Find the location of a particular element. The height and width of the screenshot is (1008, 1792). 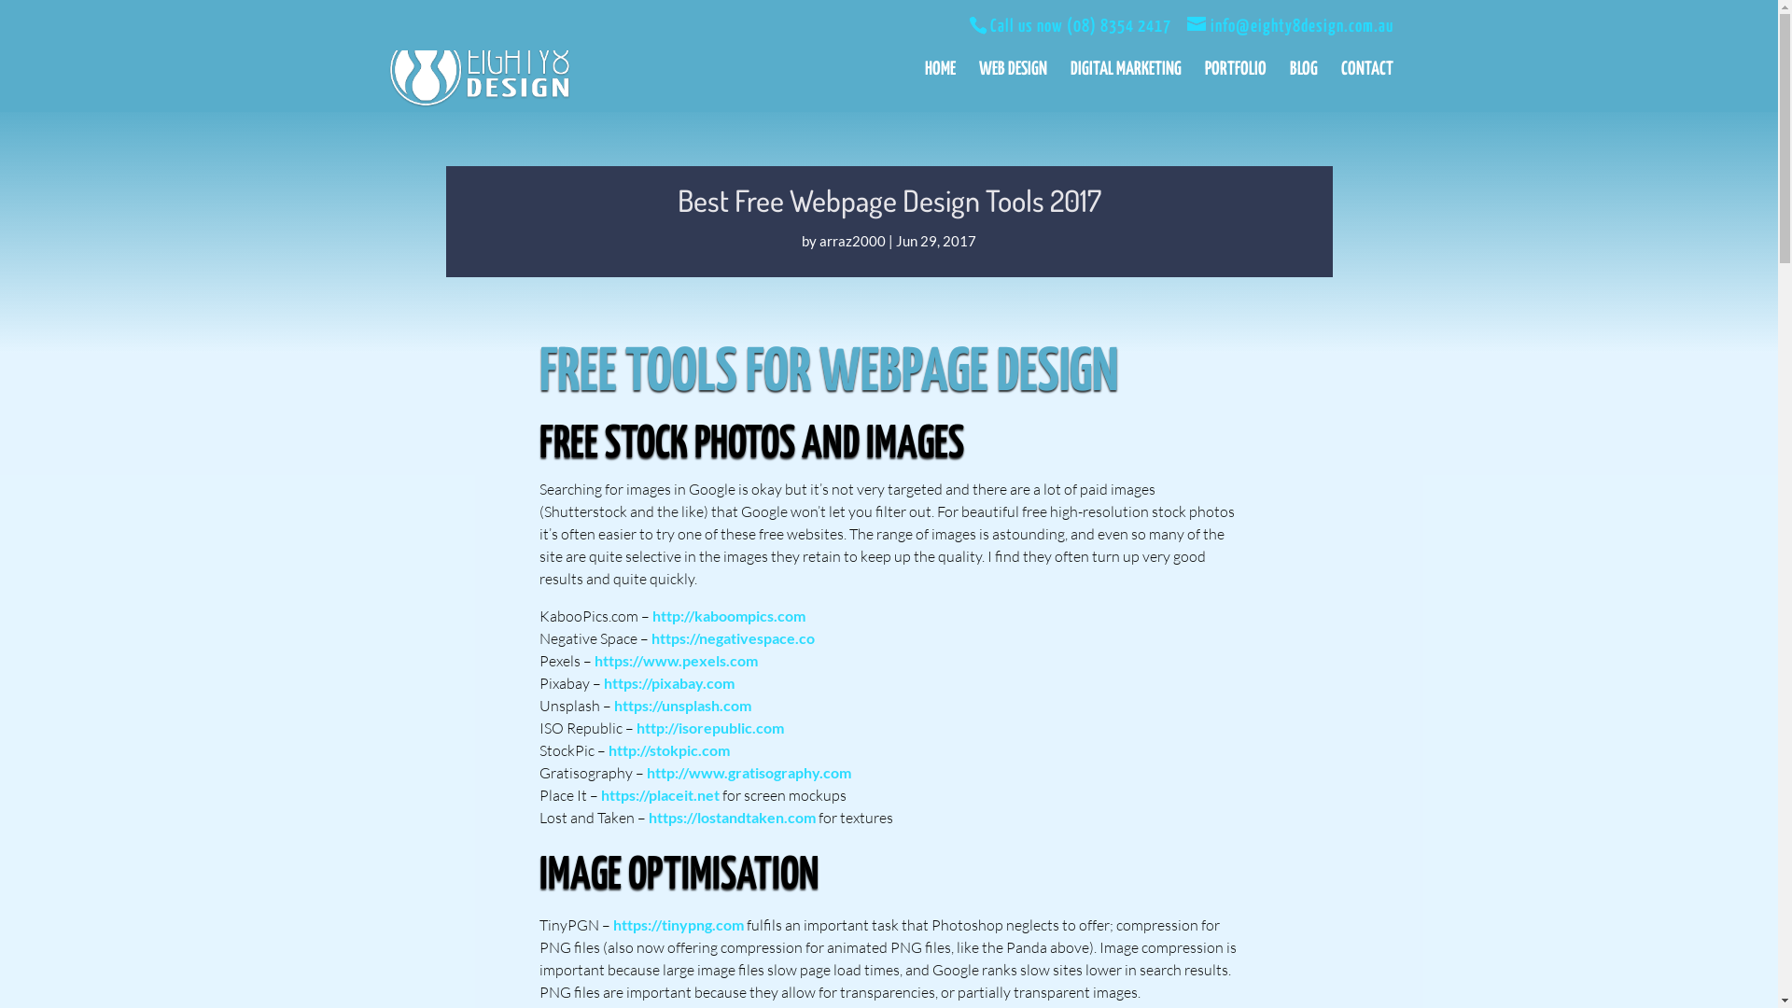

'https://unsplash.com' is located at coordinates (681, 705).